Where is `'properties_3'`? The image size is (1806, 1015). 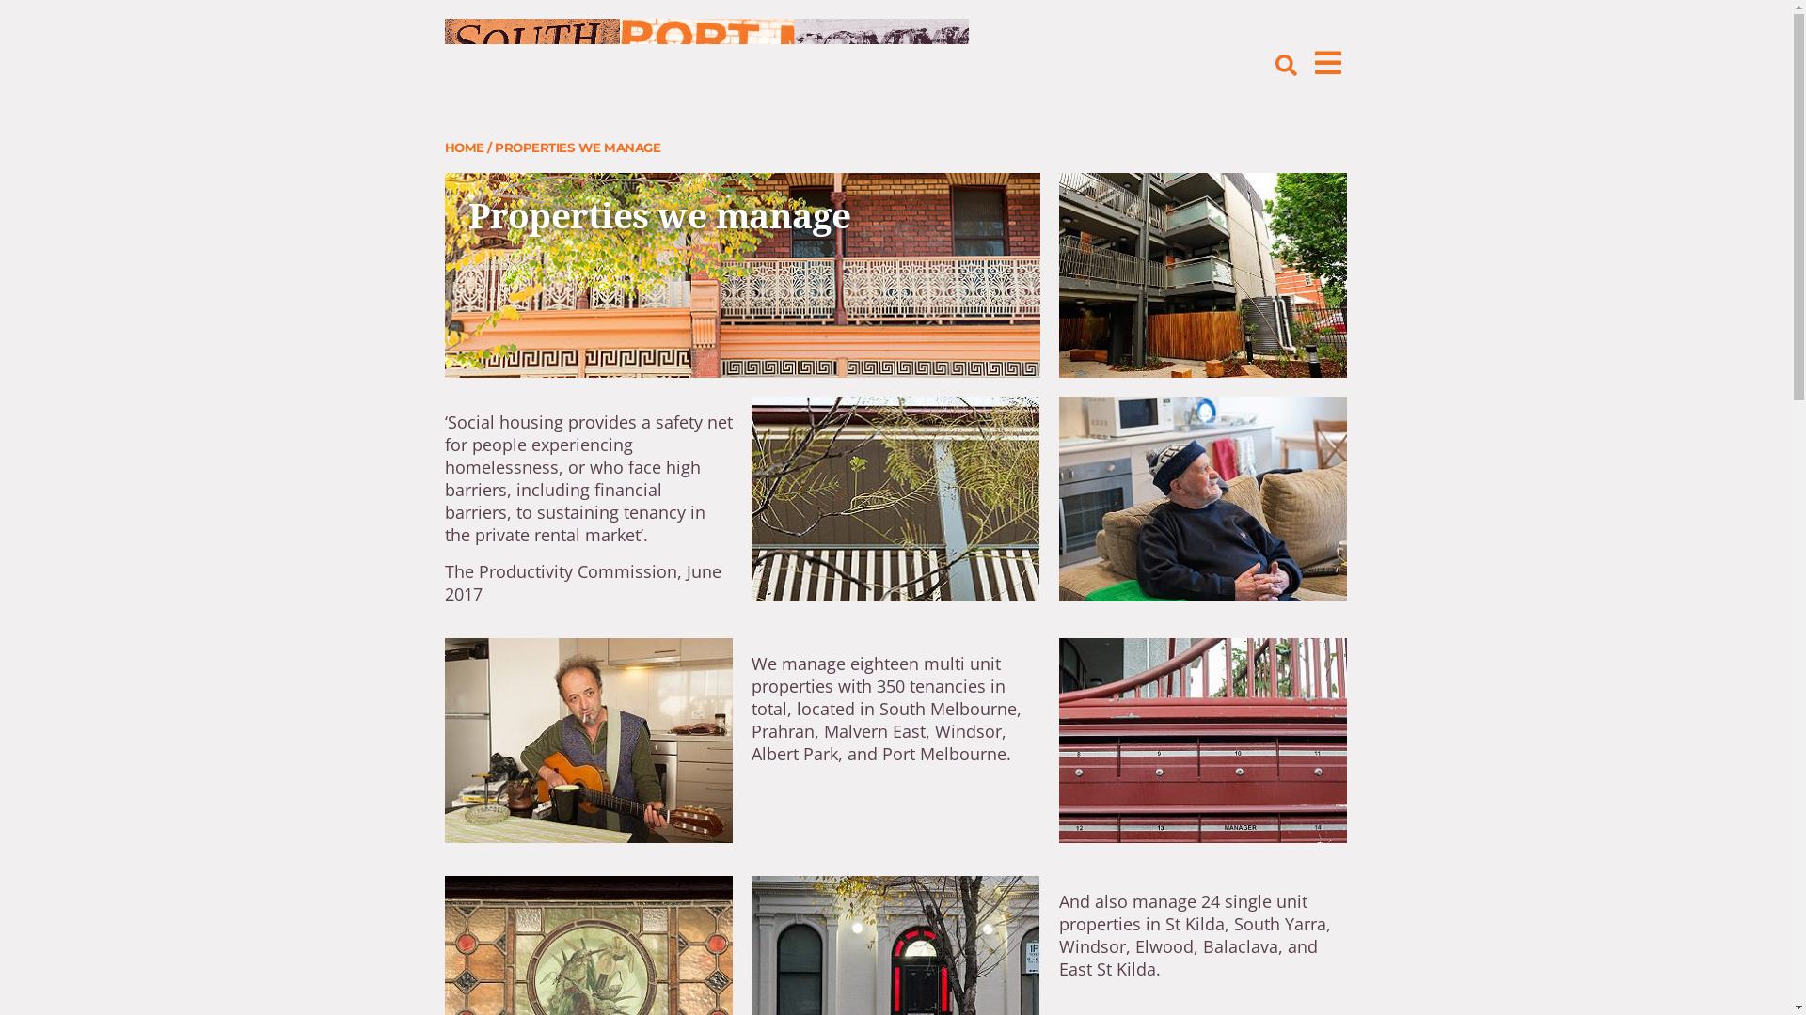 'properties_3' is located at coordinates (1201, 498).